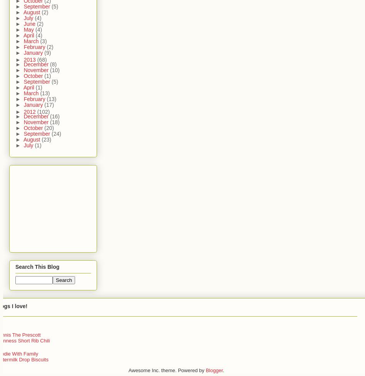 The width and height of the screenshot is (365, 376). Describe the element at coordinates (43, 111) in the screenshot. I see `'(102)'` at that location.